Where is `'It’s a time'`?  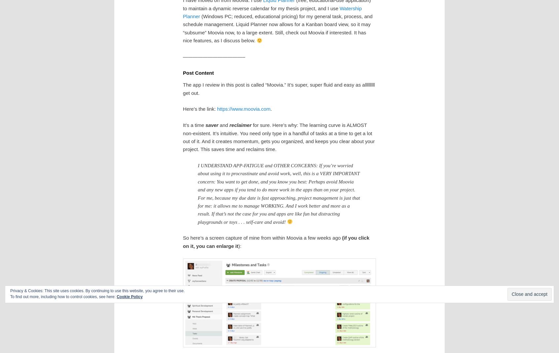 'It’s a time' is located at coordinates (193, 125).